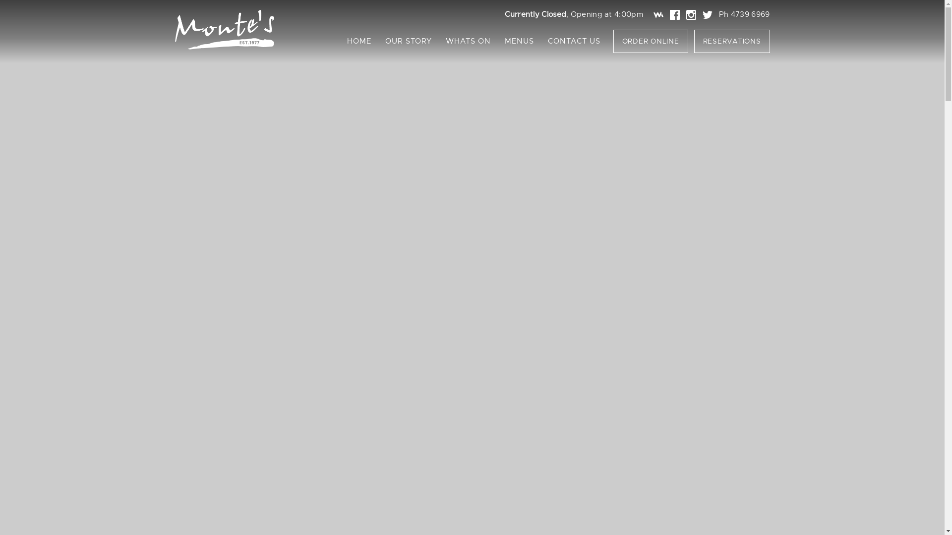 This screenshot has height=535, width=952. Describe the element at coordinates (612, 41) in the screenshot. I see `'ORDER ONLINE'` at that location.